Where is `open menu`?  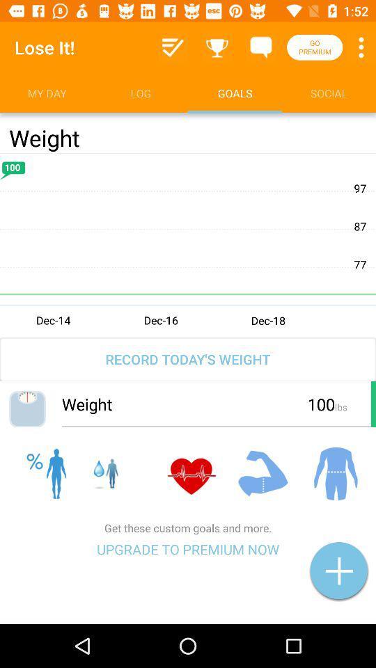
open menu is located at coordinates (361, 47).